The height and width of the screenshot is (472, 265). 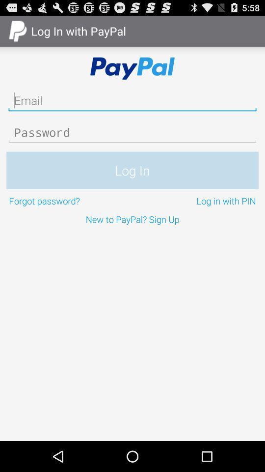 What do you see at coordinates (132, 219) in the screenshot?
I see `new to paypal item` at bounding box center [132, 219].